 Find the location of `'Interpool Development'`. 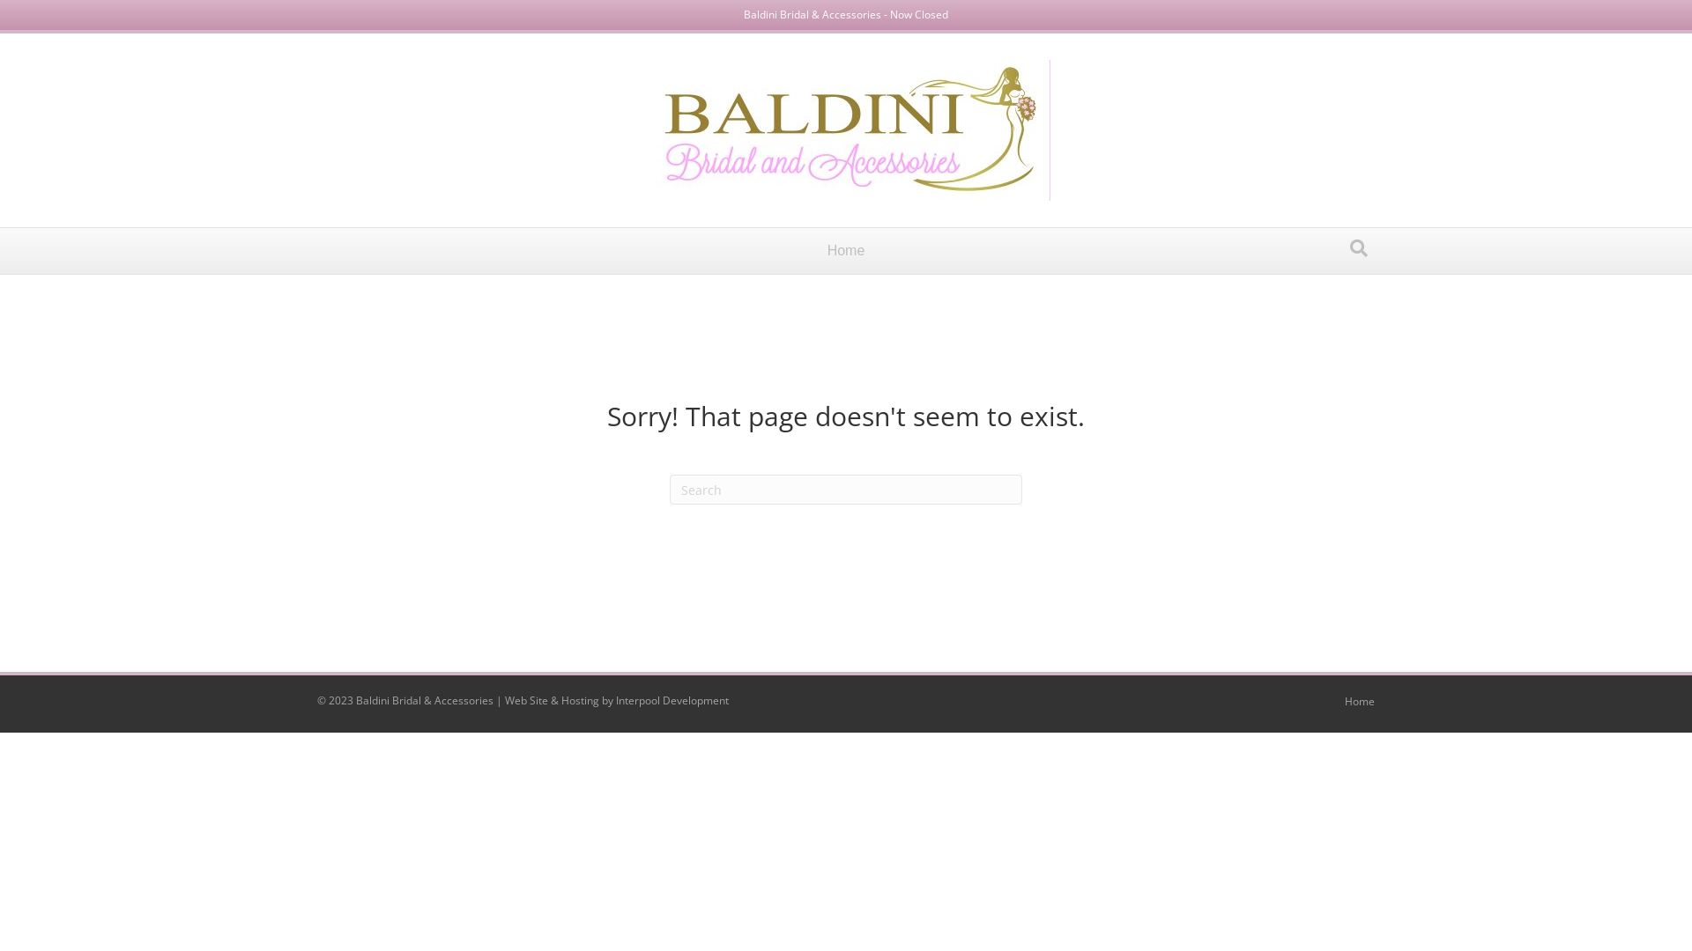

'Interpool Development' is located at coordinates (616, 699).